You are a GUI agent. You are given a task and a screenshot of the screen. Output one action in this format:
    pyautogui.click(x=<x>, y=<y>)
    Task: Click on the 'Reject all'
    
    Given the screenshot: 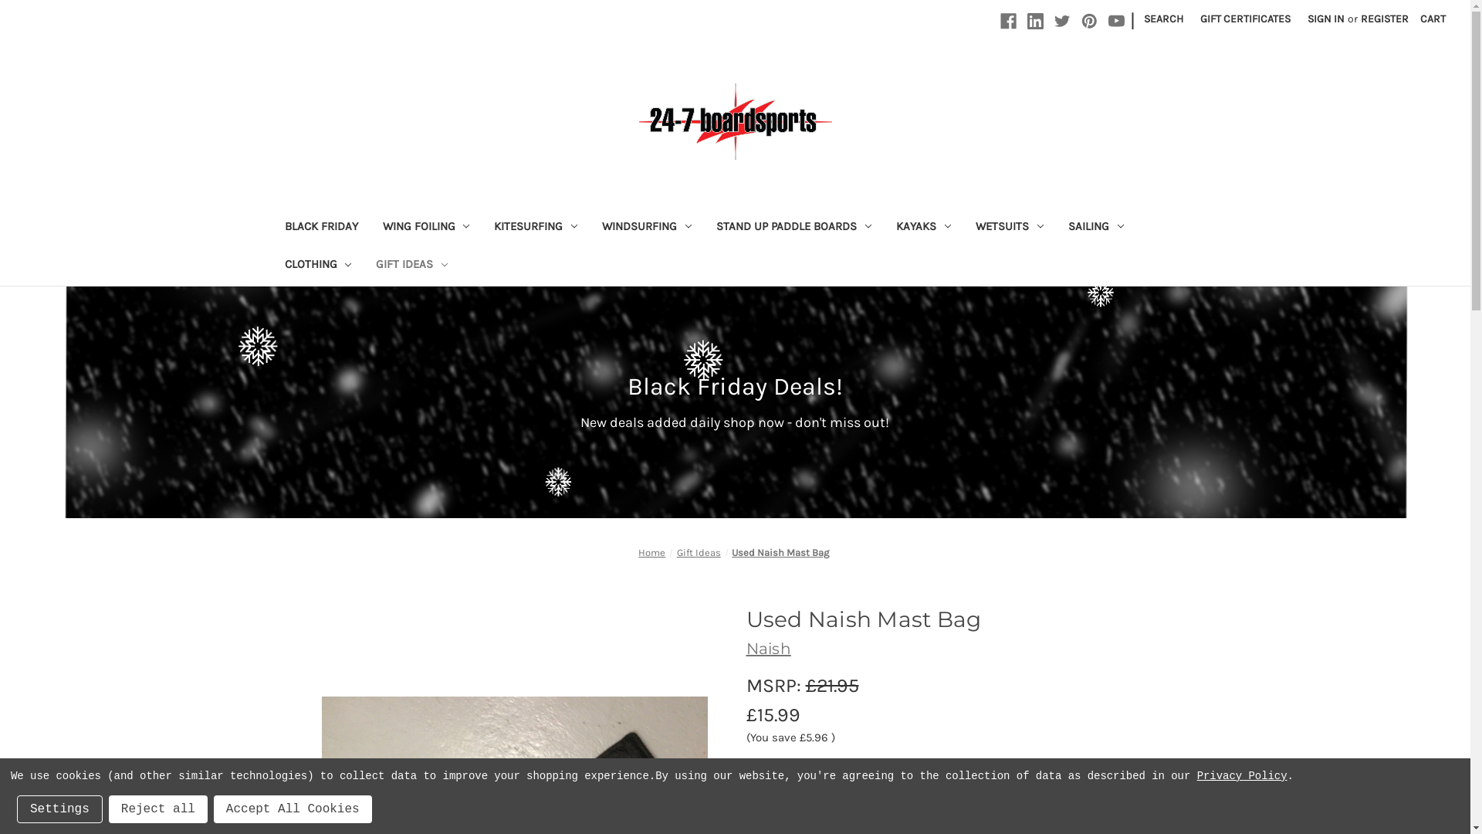 What is the action you would take?
    pyautogui.click(x=158, y=809)
    